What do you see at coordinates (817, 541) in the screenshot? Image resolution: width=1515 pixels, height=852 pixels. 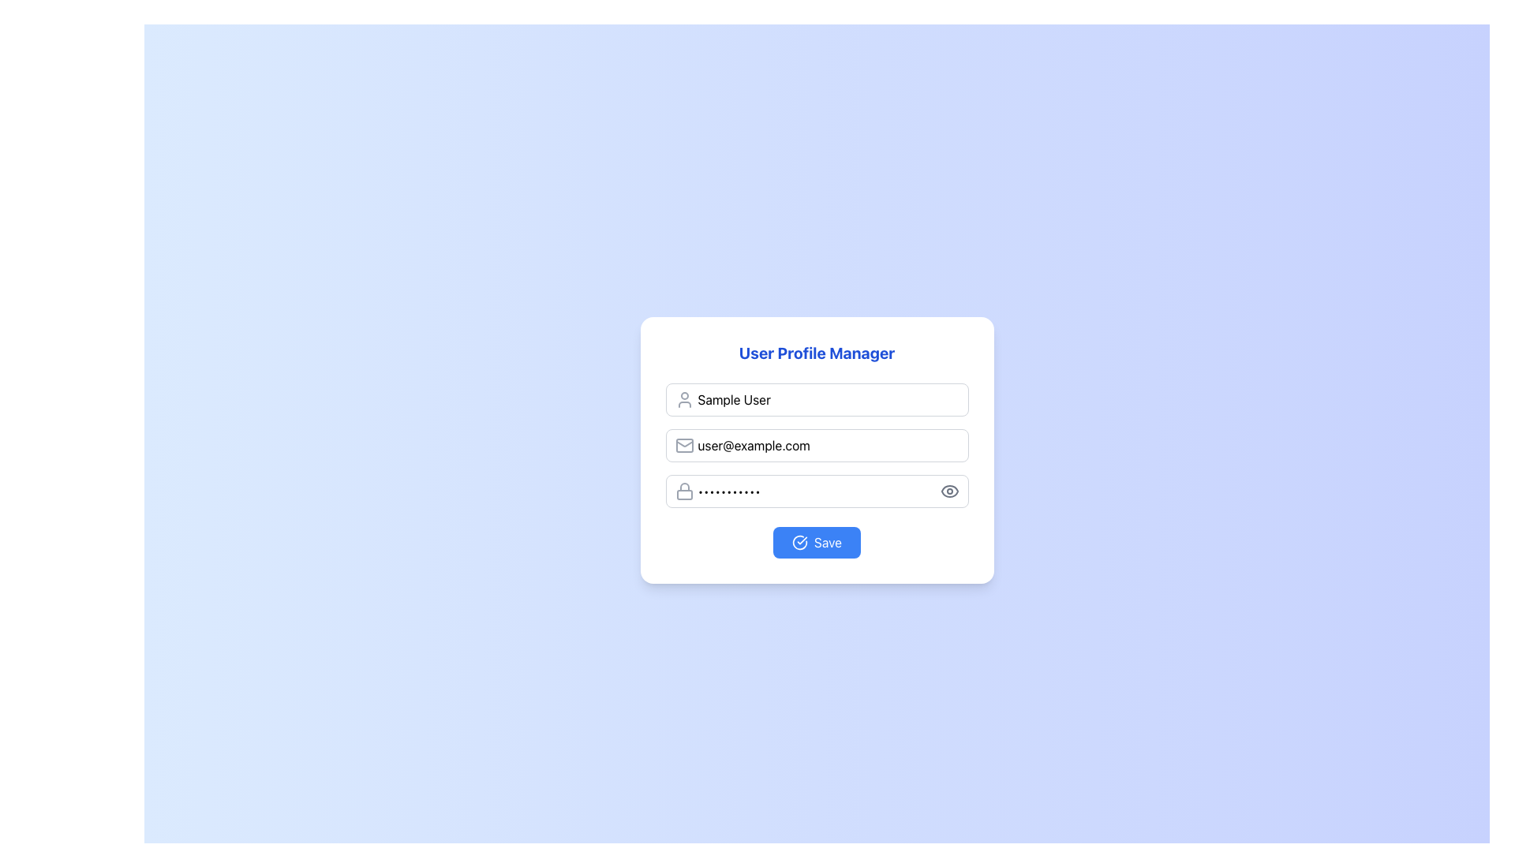 I see `the 'Save' button with a blue background and white text, located at the bottom of the 'User Profile Manager' modal` at bounding box center [817, 541].